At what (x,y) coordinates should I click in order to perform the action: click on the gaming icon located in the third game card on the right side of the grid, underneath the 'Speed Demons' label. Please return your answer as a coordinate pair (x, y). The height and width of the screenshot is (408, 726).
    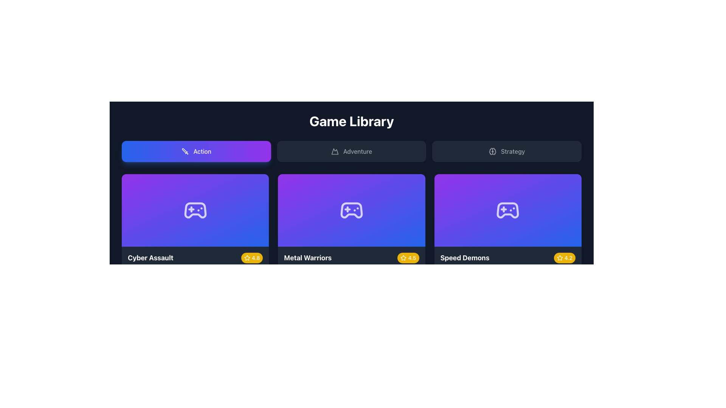
    Looking at the image, I should click on (508, 210).